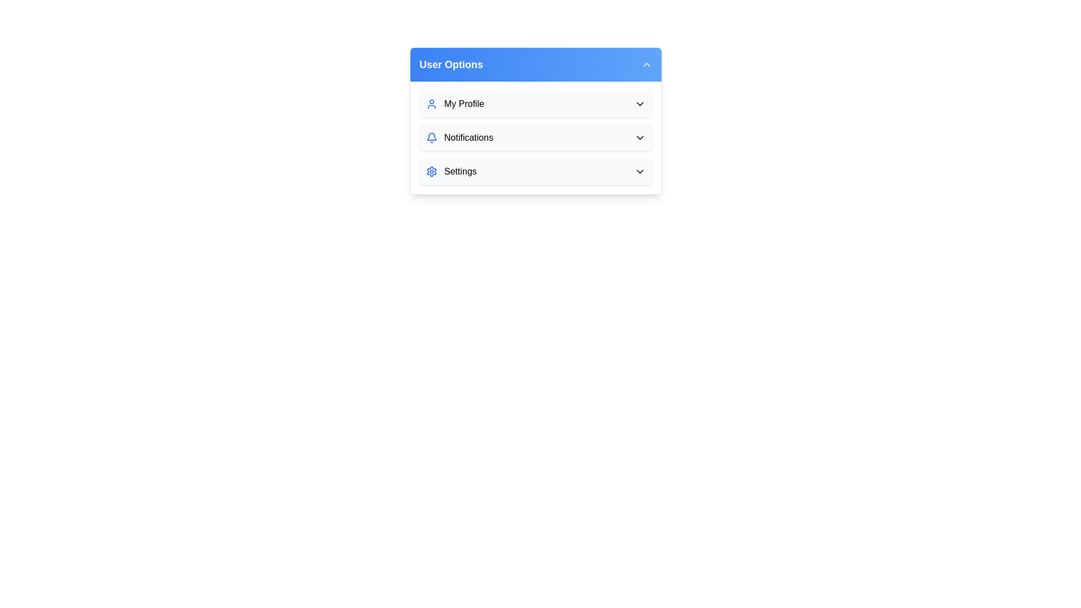 The height and width of the screenshot is (608, 1081). I want to click on the blue user icon, which features a circular head and a semicircular body outline, located to the left of the text 'My Profile' in the dropdown interface under 'User Options', so click(431, 104).